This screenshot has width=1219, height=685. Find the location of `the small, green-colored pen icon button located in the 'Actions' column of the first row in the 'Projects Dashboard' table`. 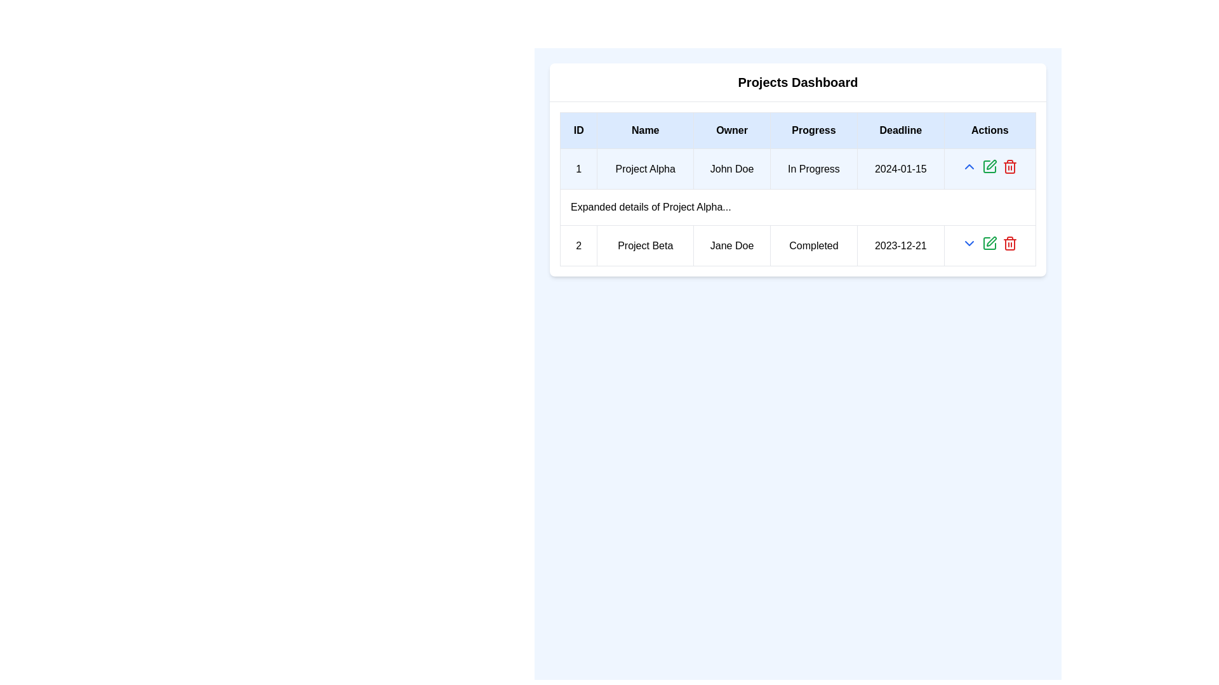

the small, green-colored pen icon button located in the 'Actions' column of the first row in the 'Projects Dashboard' table is located at coordinates (991, 164).